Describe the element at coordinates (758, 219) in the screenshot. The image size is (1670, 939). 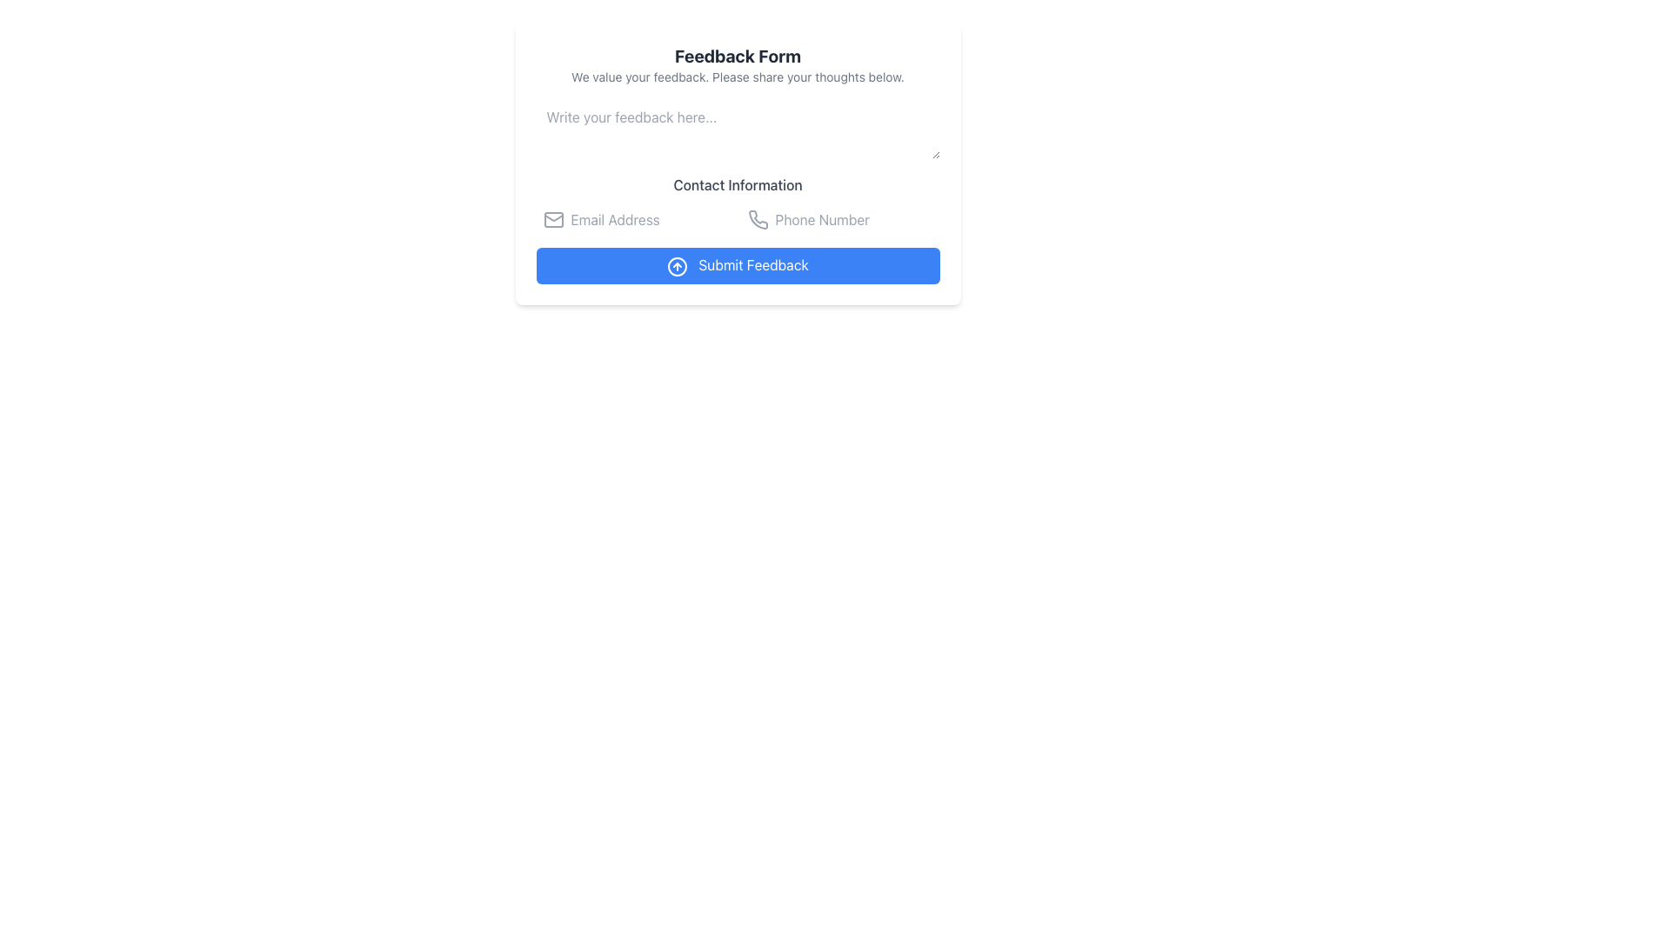
I see `the gray minimalistic phone icon located to the left of the 'Phone Number' input box in the contact information section` at that location.